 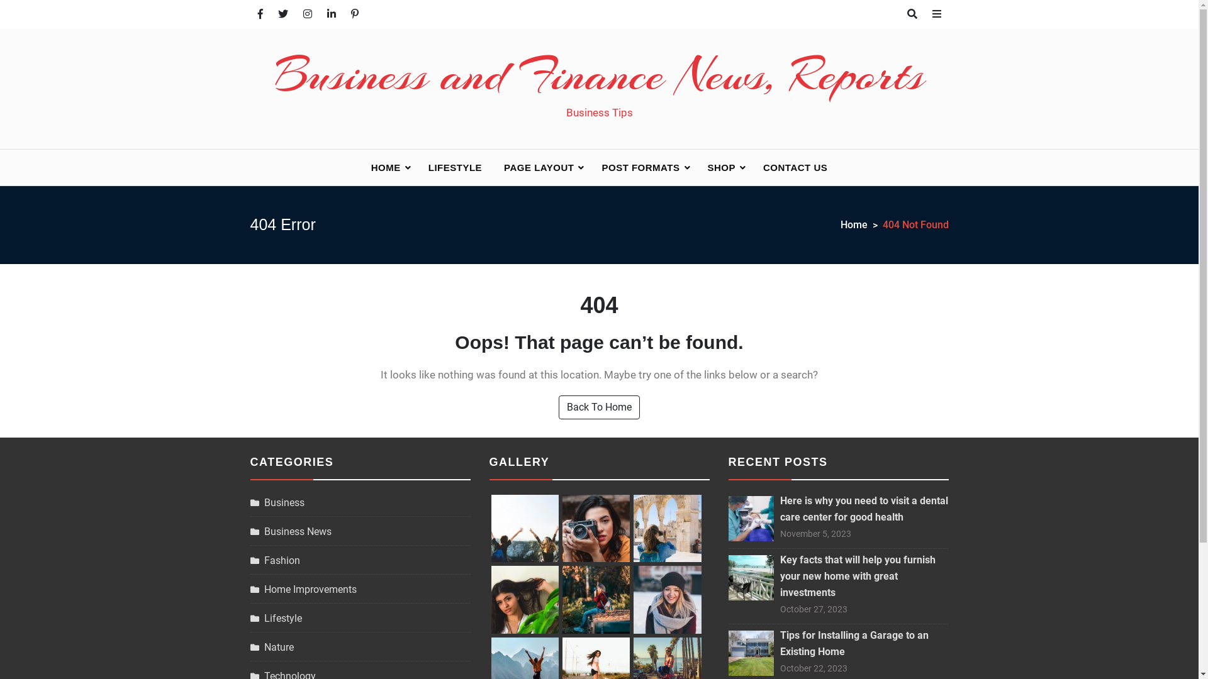 What do you see at coordinates (290, 531) in the screenshot?
I see `'Business News'` at bounding box center [290, 531].